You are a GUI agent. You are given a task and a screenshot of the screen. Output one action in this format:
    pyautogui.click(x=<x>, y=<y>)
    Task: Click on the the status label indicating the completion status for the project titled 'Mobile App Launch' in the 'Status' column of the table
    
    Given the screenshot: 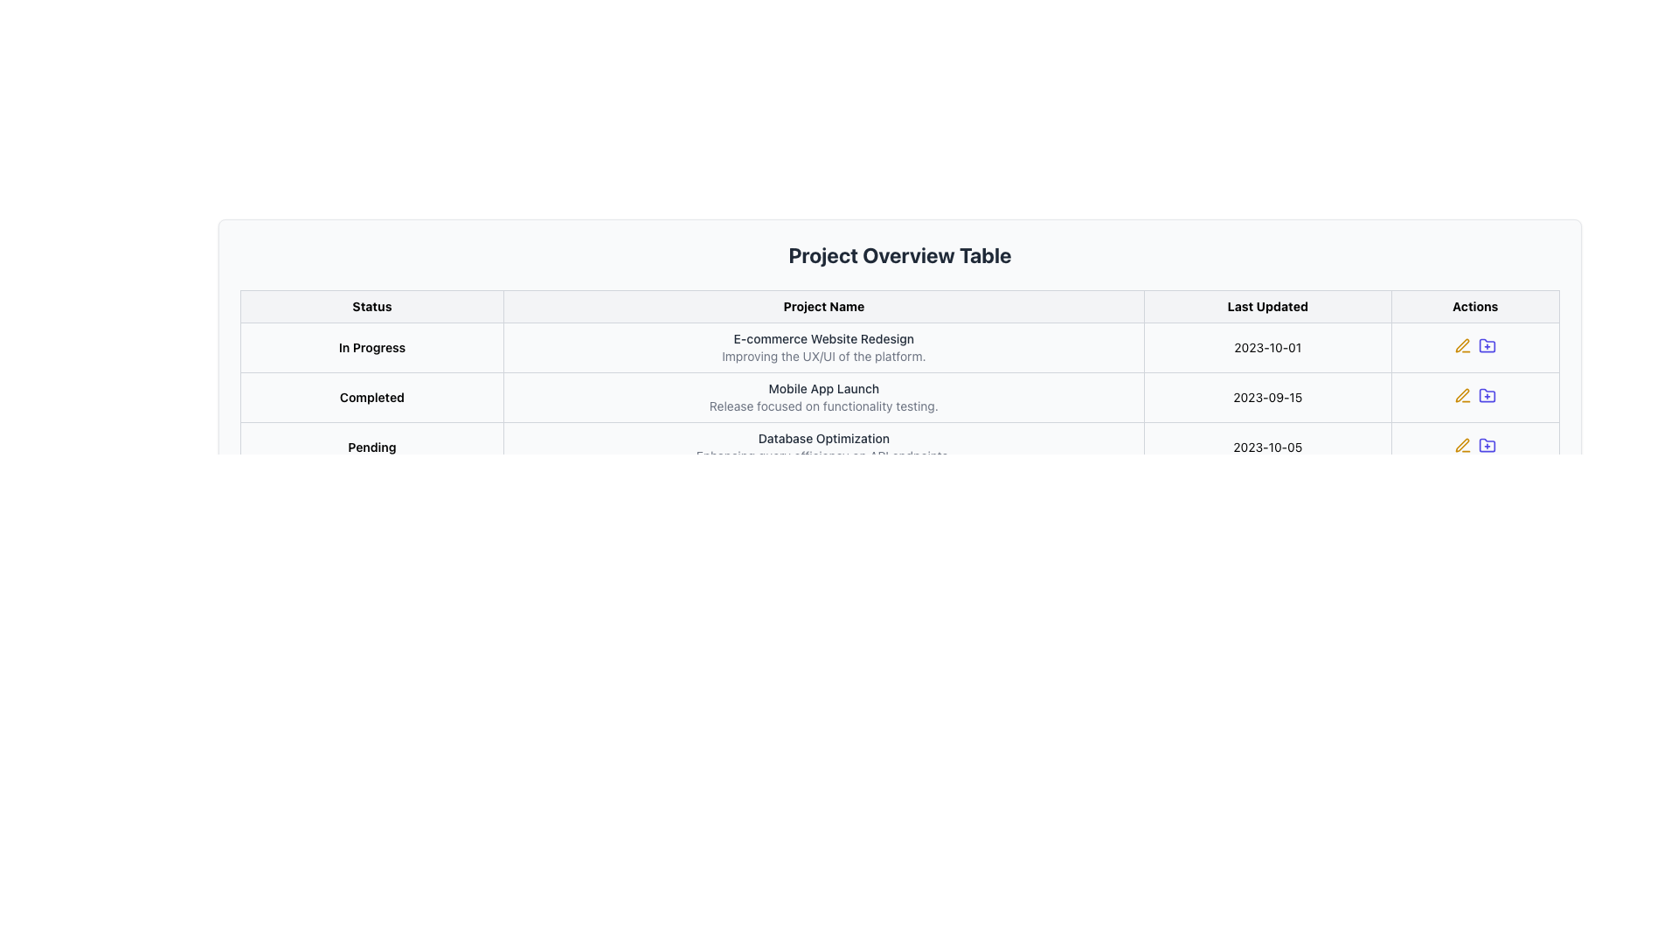 What is the action you would take?
    pyautogui.click(x=371, y=398)
    